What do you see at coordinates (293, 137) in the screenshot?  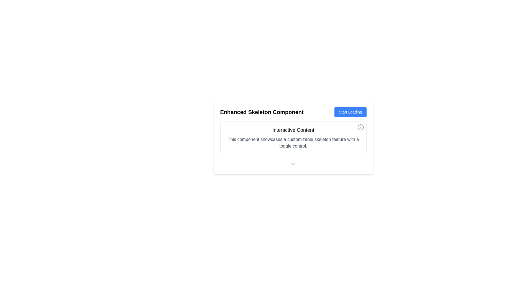 I see `textual content of the block titled 'Interactive Content' with the description 'This component showcases a customizable skeleton feature with a toggle control.' located at the center of the interface` at bounding box center [293, 137].